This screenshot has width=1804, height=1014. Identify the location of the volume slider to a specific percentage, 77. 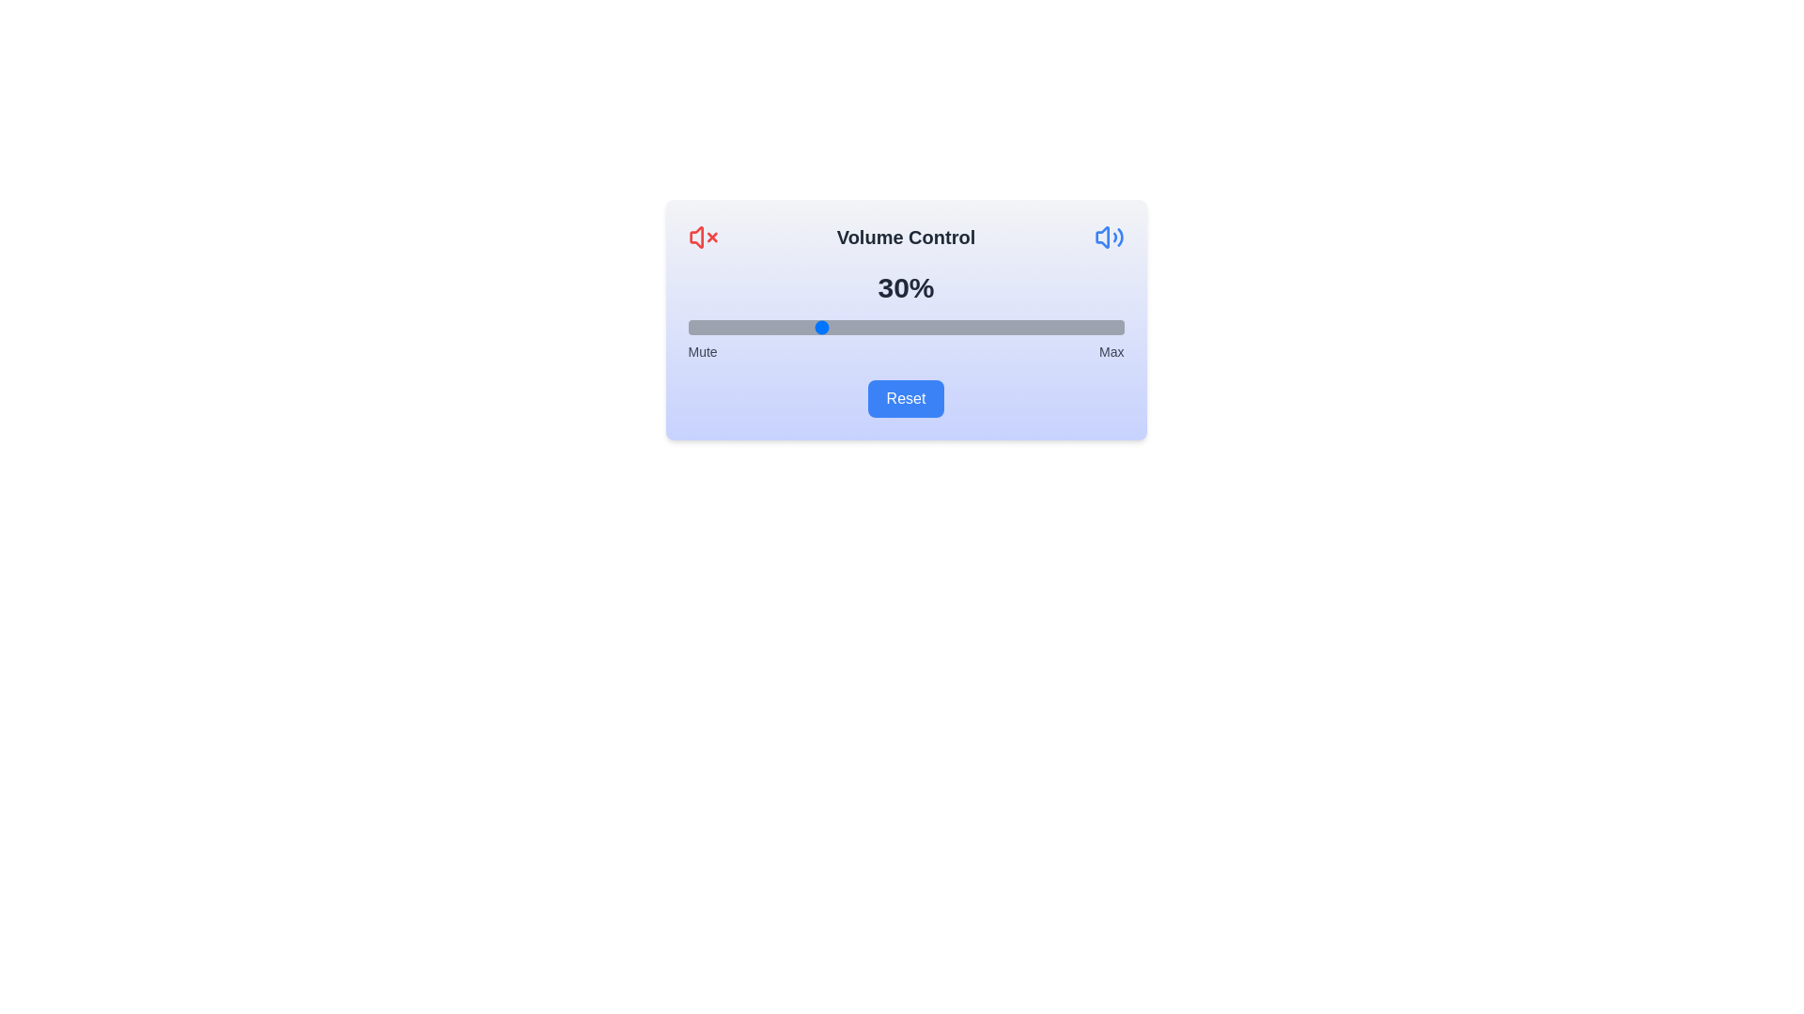
(1022, 326).